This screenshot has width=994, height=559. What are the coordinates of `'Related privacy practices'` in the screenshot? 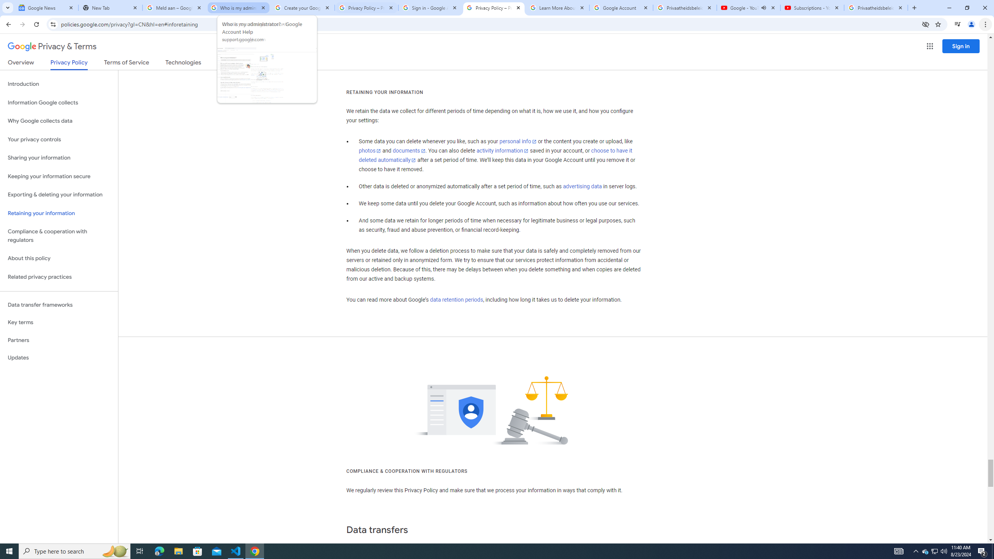 It's located at (59, 276).